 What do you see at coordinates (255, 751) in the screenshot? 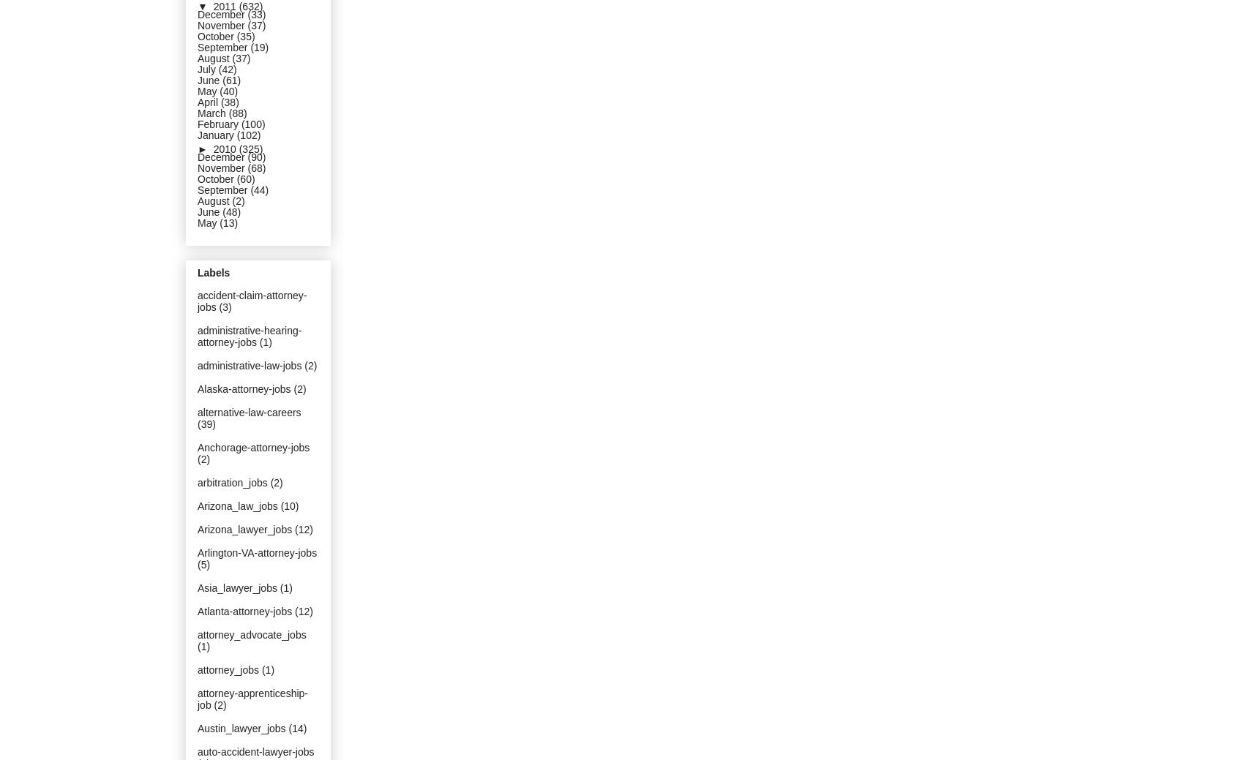
I see `'auto-accident-lawyer-jobs'` at bounding box center [255, 751].